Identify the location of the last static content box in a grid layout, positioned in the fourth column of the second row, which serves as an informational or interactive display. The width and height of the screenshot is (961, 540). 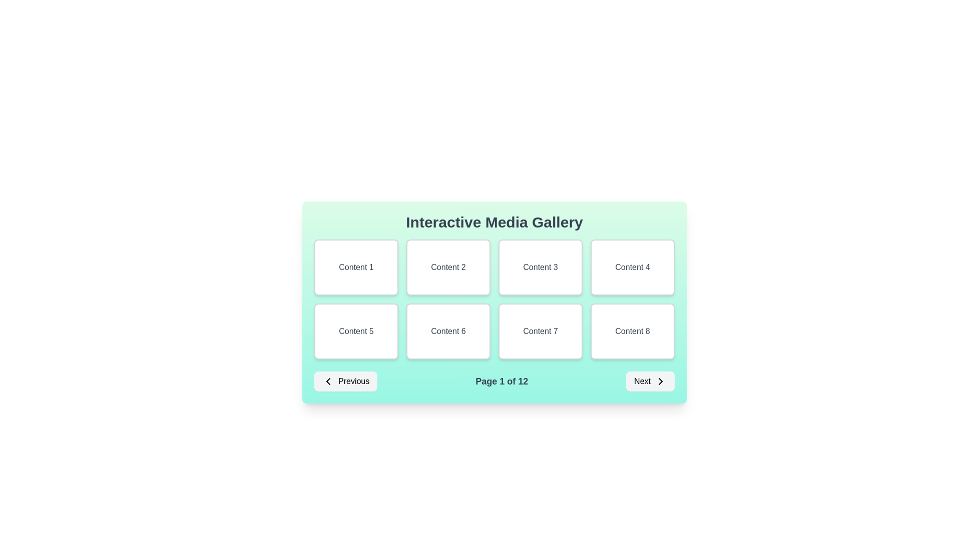
(632, 331).